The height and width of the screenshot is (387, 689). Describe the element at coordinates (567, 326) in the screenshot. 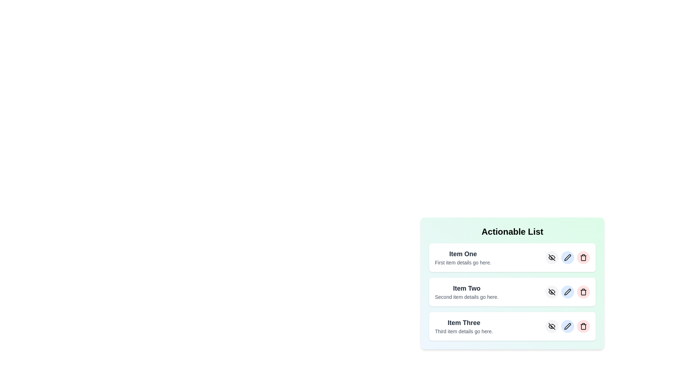

I see `edit button for the item labeled Item Three` at that location.